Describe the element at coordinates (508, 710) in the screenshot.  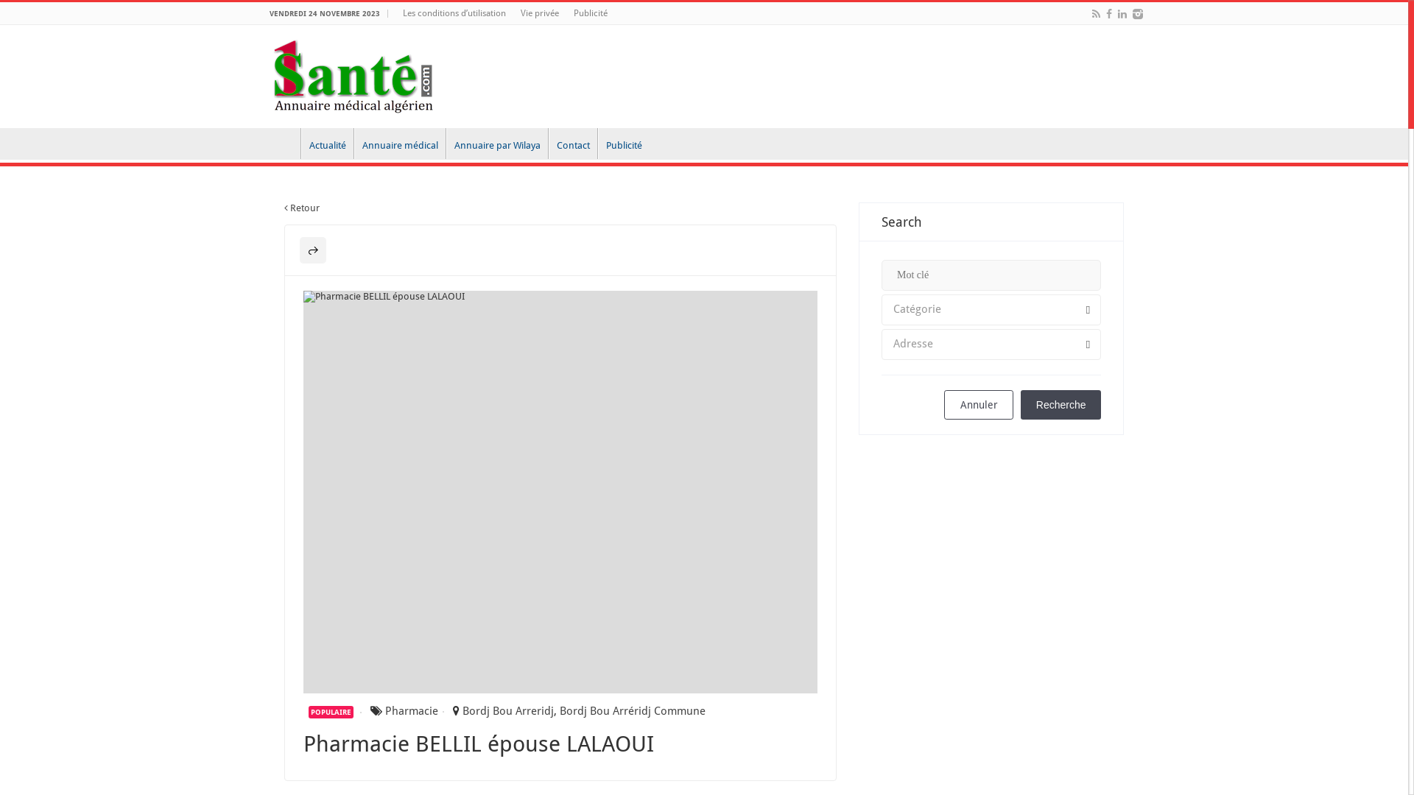
I see `'Bordj Bou Arreridj'` at that location.